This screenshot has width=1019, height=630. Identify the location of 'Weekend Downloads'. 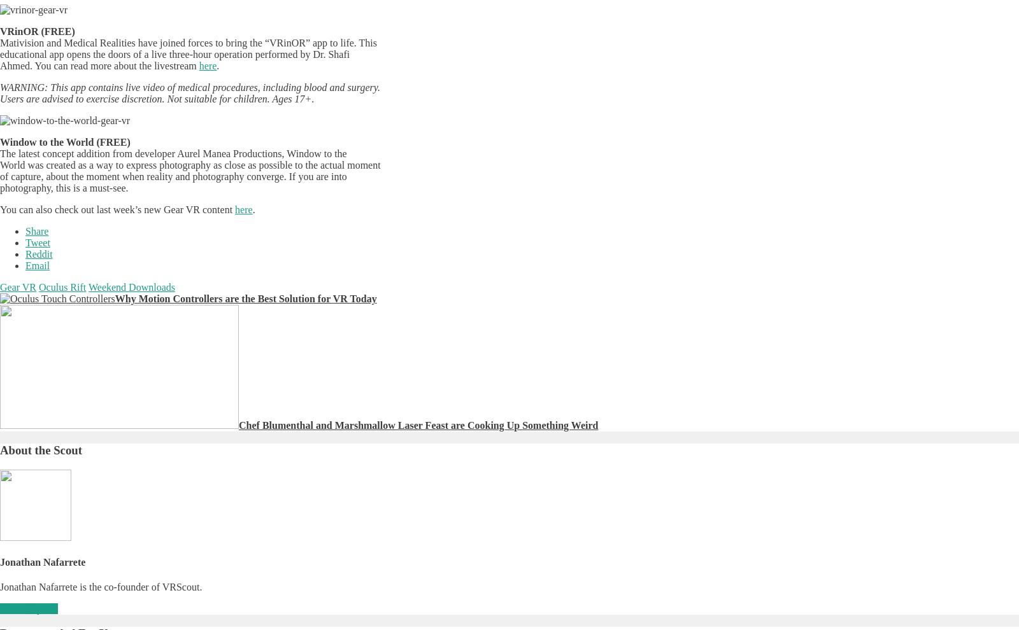
(131, 287).